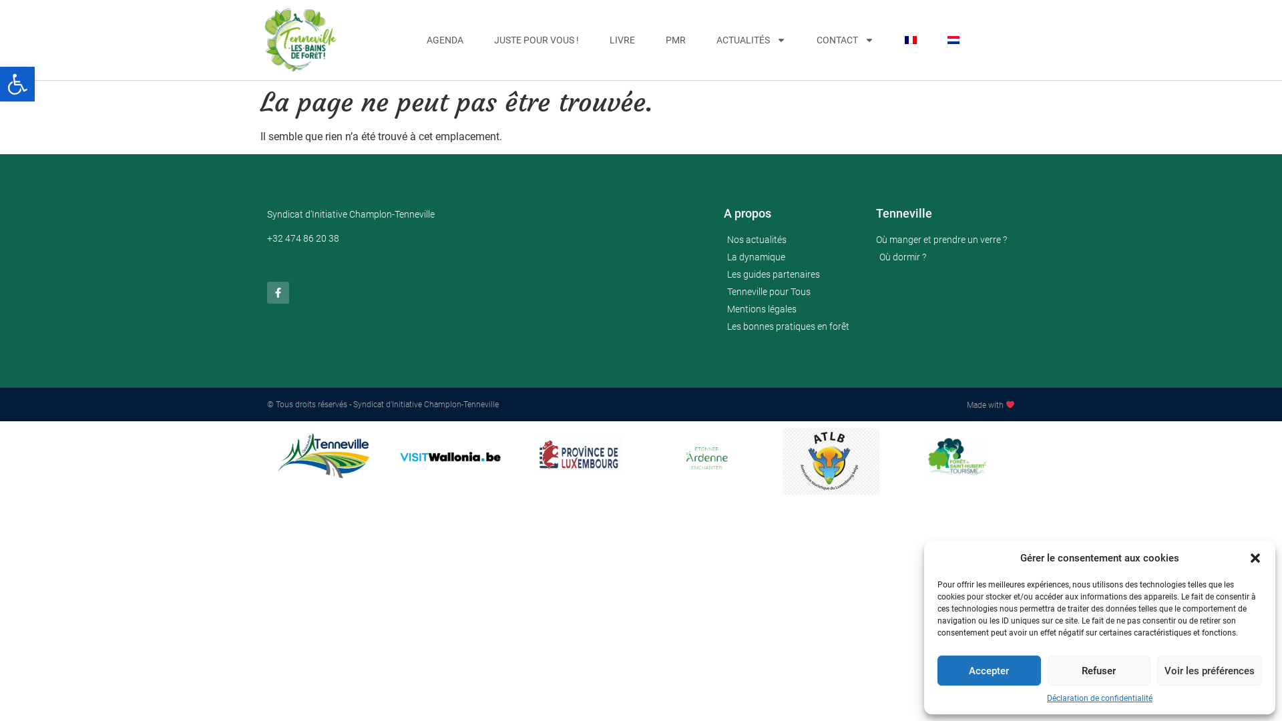 This screenshot has width=1282, height=721. I want to click on 'logos', so click(957, 457).